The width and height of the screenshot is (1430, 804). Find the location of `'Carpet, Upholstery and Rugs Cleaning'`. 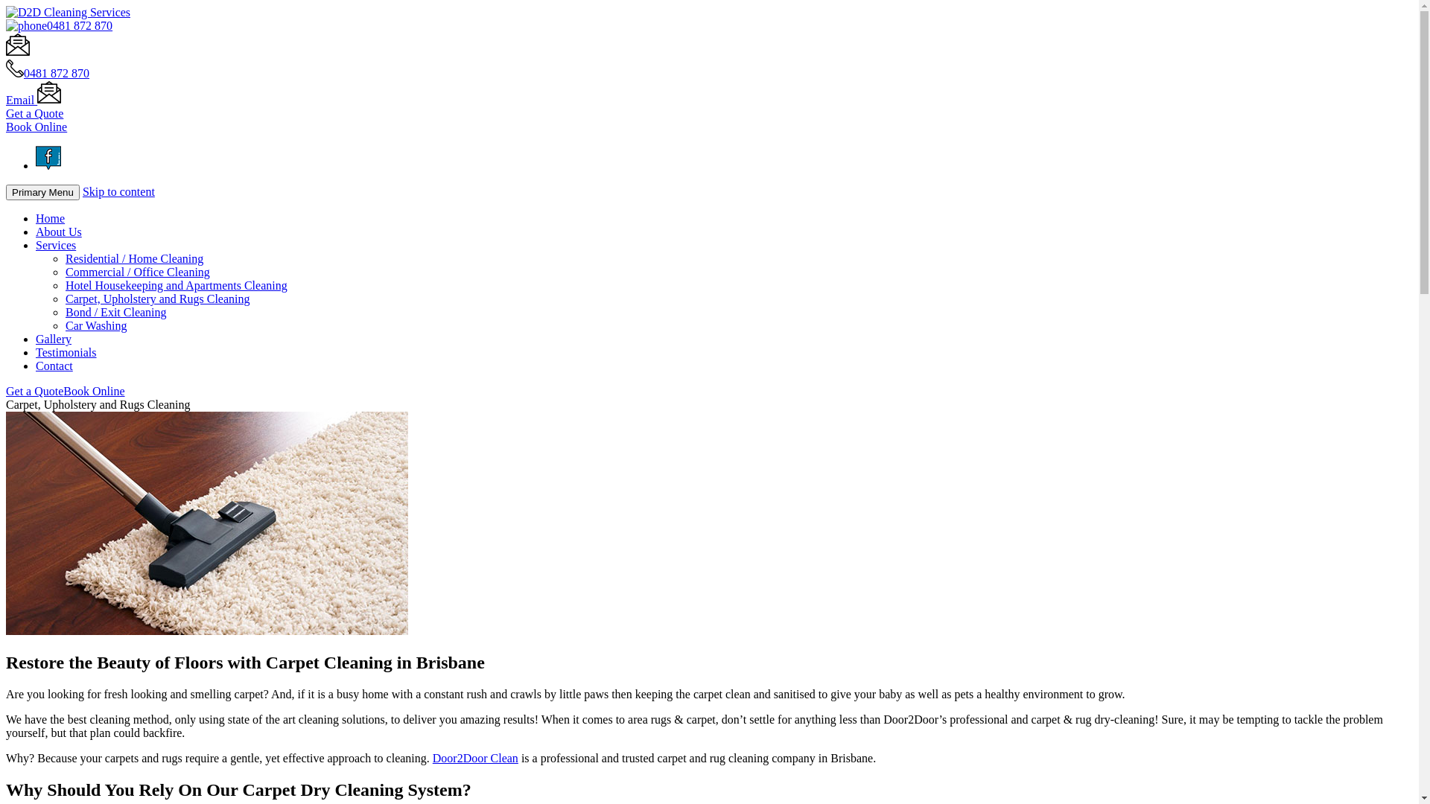

'Carpet, Upholstery and Rugs Cleaning' is located at coordinates (157, 299).